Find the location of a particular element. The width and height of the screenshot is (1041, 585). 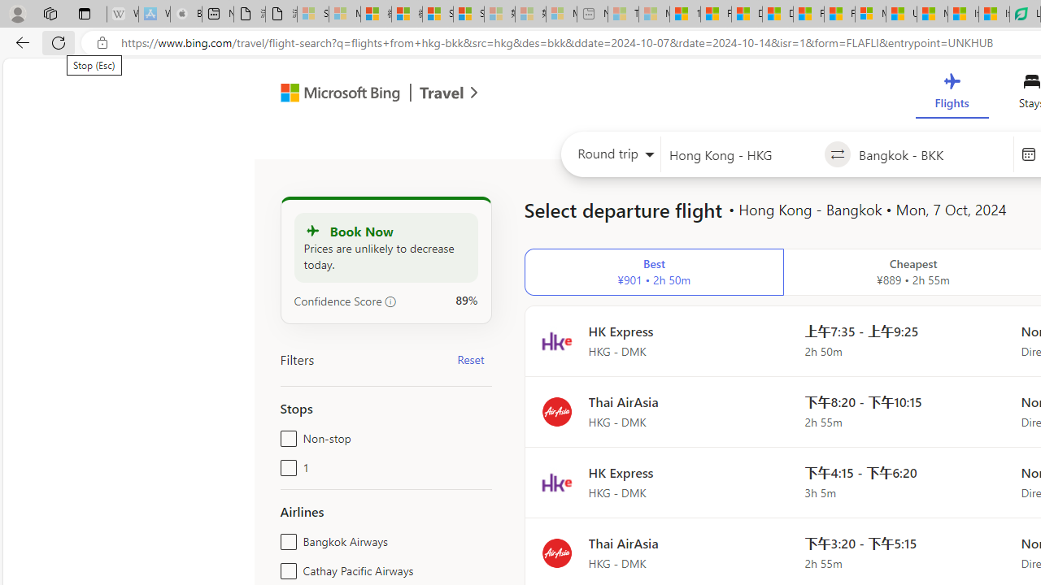

'Microsoft Start' is located at coordinates (932, 14).